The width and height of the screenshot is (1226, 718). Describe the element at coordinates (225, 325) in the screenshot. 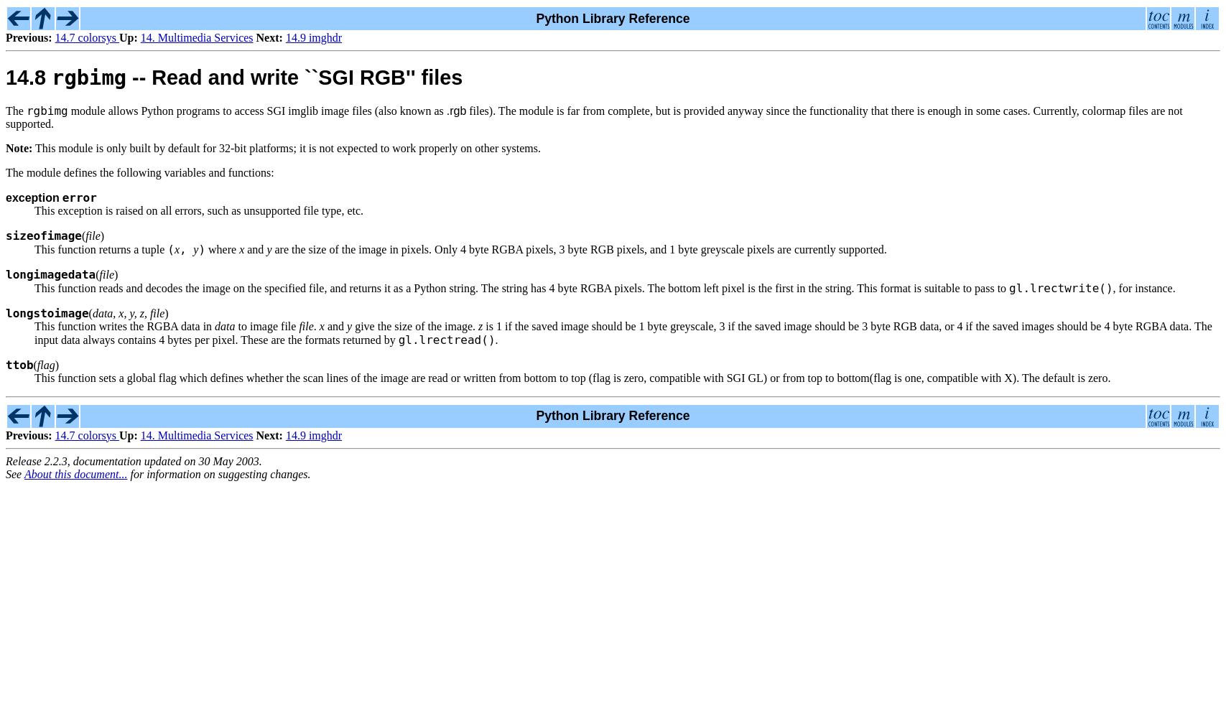

I see `'data'` at that location.